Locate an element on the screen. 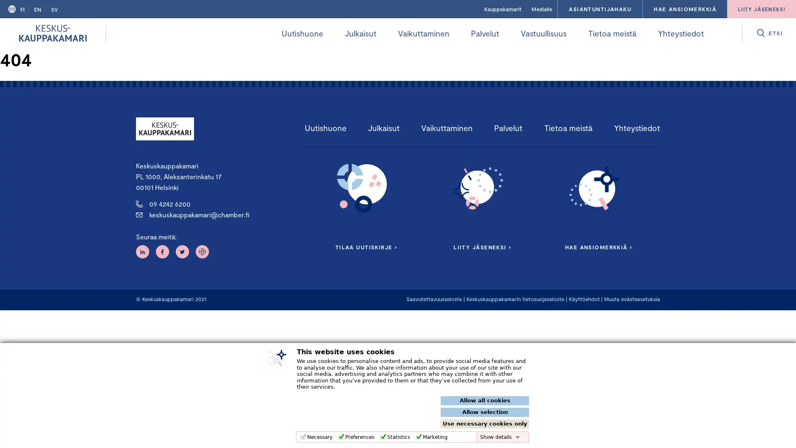 This screenshot has width=796, height=448. Avaa alivalikko kohteelle Palvelut is located at coordinates (506, 40).